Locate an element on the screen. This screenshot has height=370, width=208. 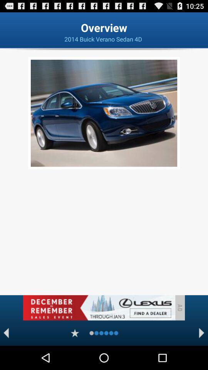
more is located at coordinates (75, 333).